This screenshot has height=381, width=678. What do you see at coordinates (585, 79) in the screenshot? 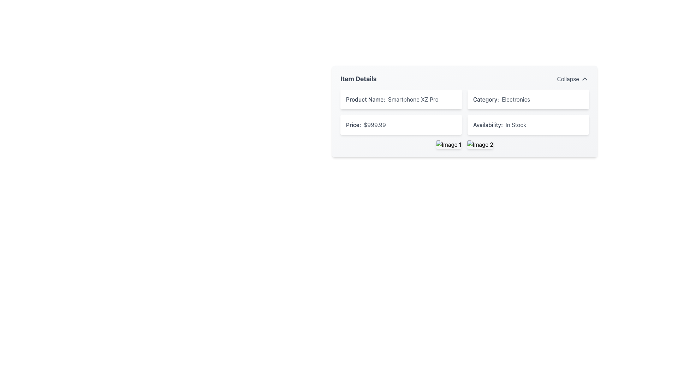
I see `the collapse icon located at the top-right corner of the card to minimize the content associated with it` at bounding box center [585, 79].